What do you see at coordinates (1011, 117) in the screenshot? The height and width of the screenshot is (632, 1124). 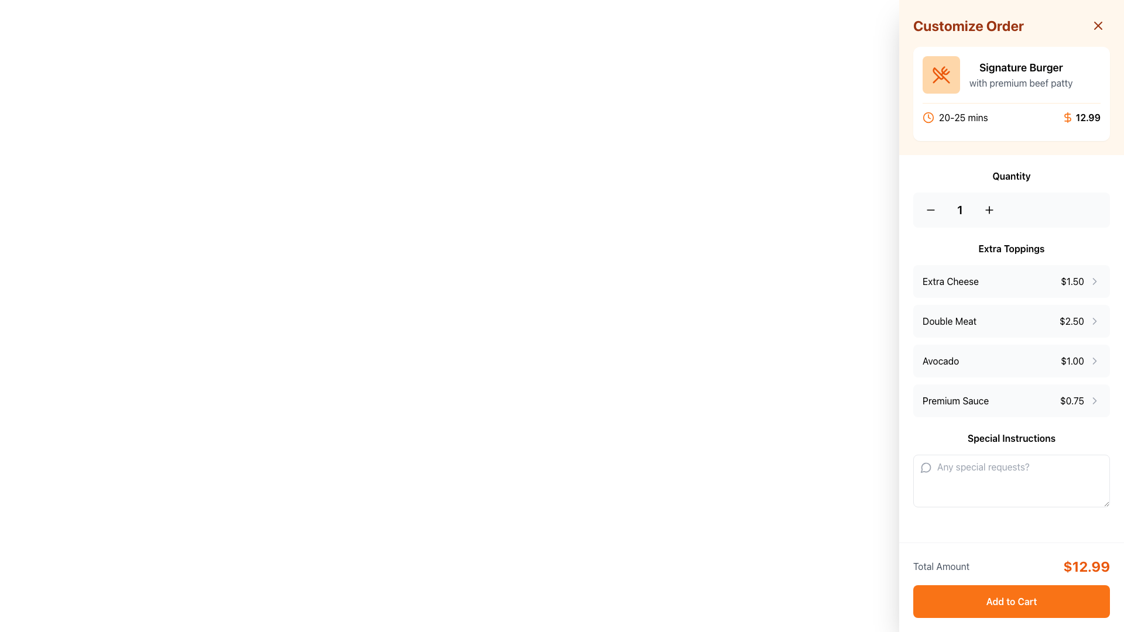 I see `the informational text displaying delivery time and price for the 'Signature Burger'` at bounding box center [1011, 117].